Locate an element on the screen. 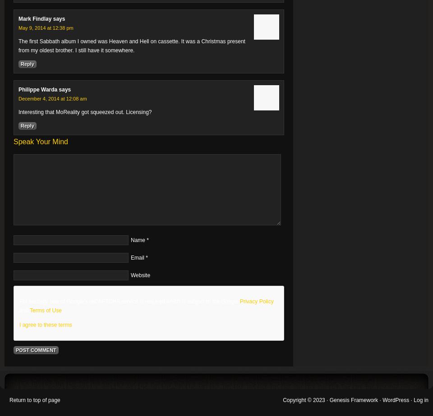  'Privacy Policy' is located at coordinates (256, 301).